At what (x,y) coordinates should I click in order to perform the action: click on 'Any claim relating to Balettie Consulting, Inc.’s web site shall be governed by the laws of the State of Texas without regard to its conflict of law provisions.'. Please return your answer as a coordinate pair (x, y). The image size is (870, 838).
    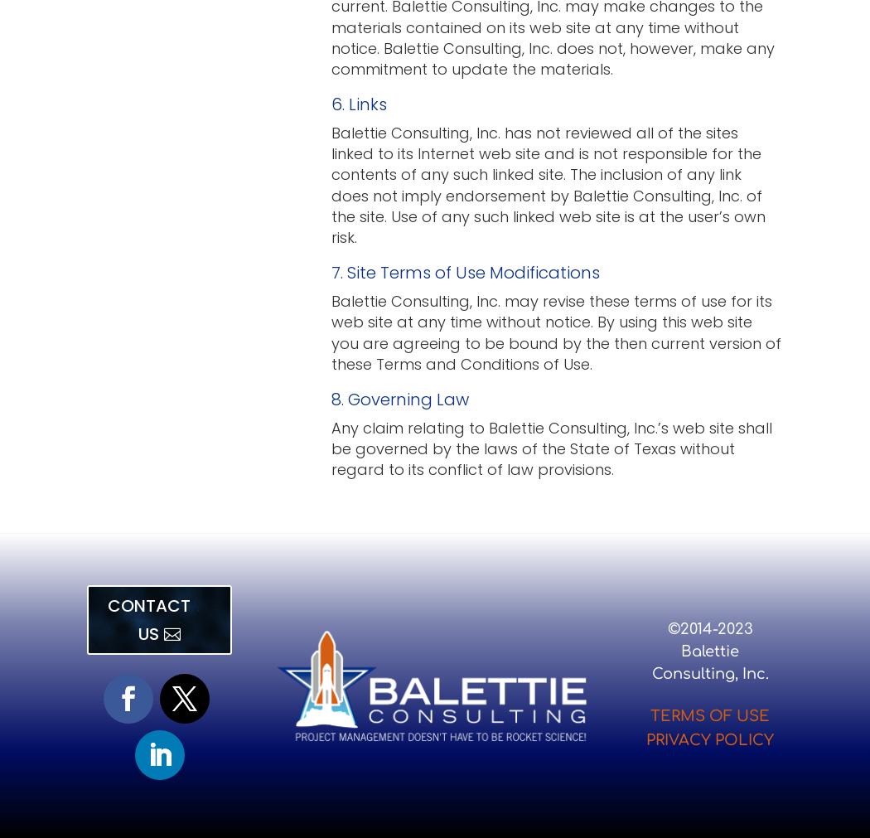
    Looking at the image, I should click on (551, 448).